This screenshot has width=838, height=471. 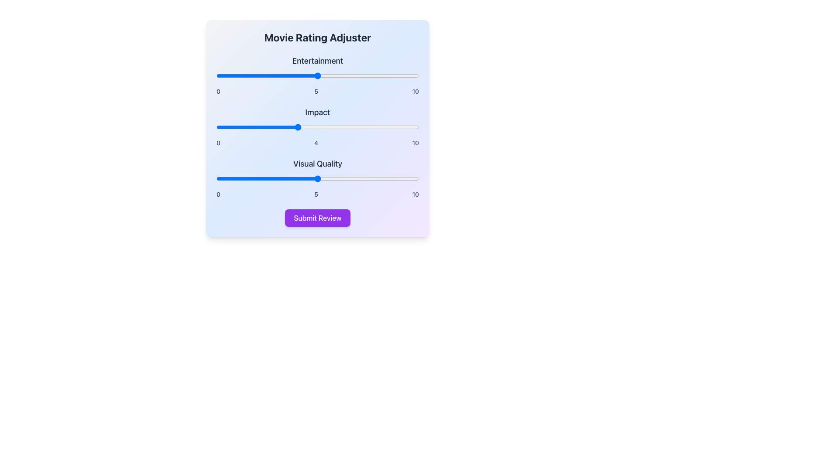 What do you see at coordinates (398, 75) in the screenshot?
I see `the entertainment value` at bounding box center [398, 75].